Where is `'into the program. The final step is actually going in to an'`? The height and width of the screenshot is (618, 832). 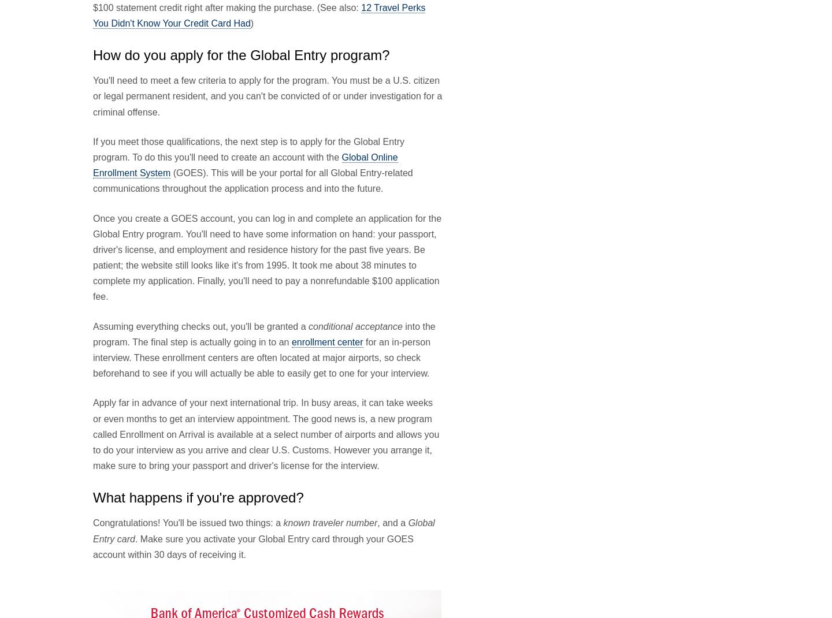 'into the program. The final step is actually going in to an' is located at coordinates (264, 333).